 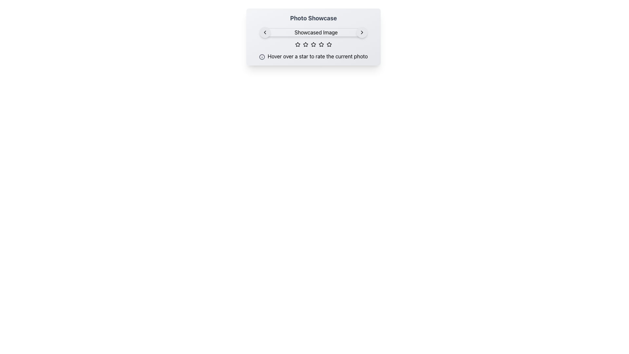 What do you see at coordinates (361, 32) in the screenshot?
I see `the right-pointing chevron navigation button located in the top-right section of the navigation bar` at bounding box center [361, 32].